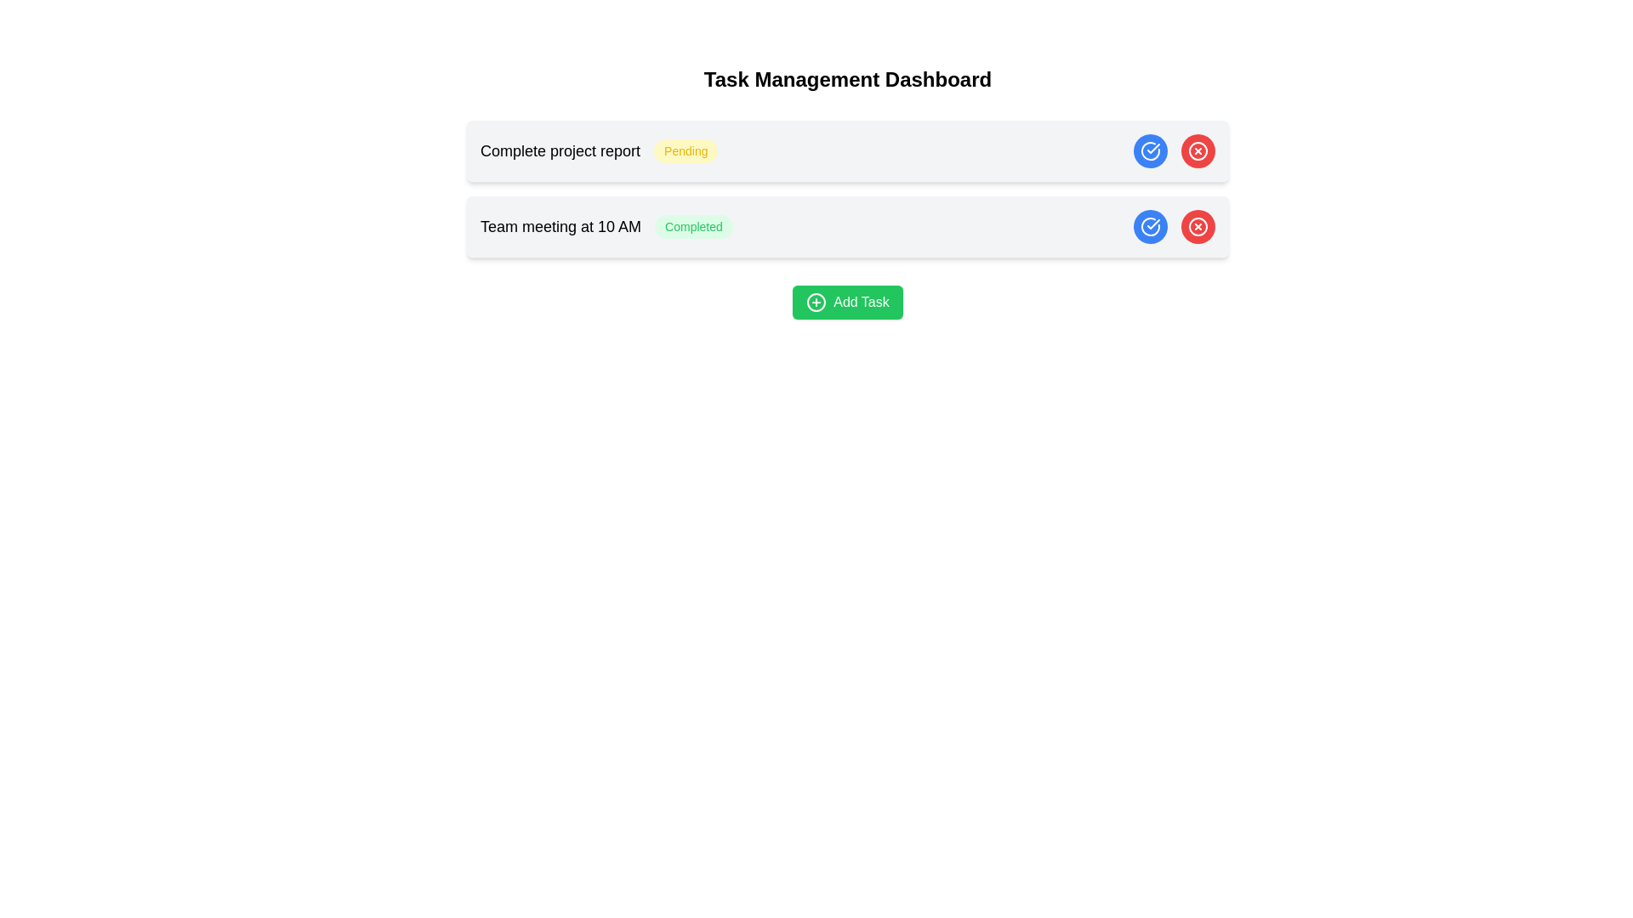 The width and height of the screenshot is (1633, 918). I want to click on the action button within the Dashboard panel that allows interaction with task items, located centrally below the 'Task Management Dashboard' title, so click(848, 192).